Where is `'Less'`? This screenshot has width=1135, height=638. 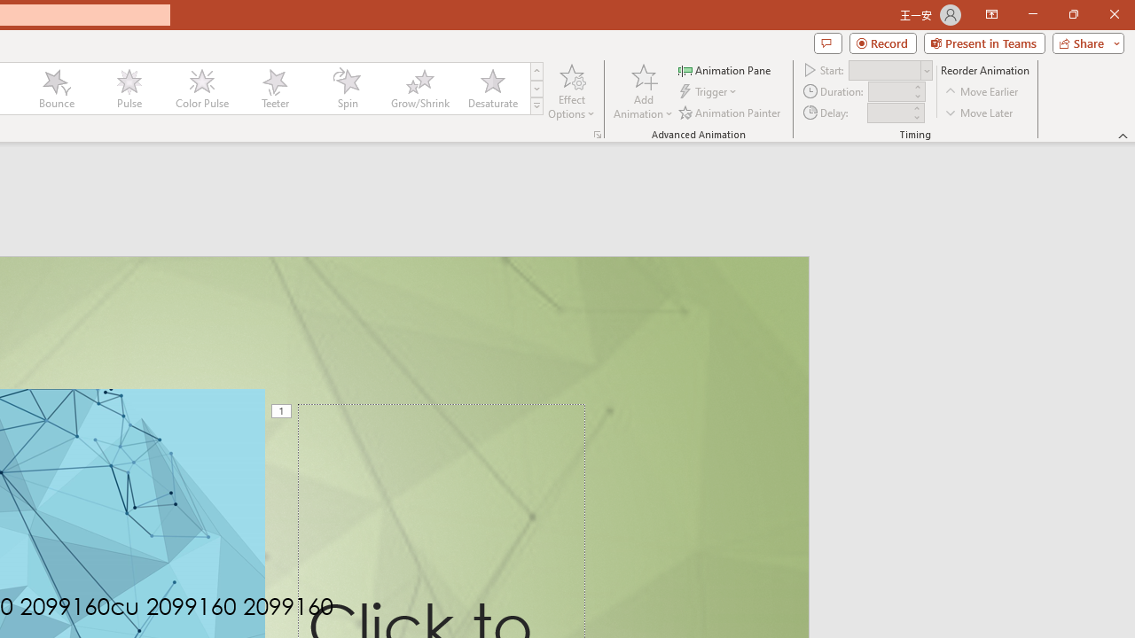 'Less' is located at coordinates (916, 117).